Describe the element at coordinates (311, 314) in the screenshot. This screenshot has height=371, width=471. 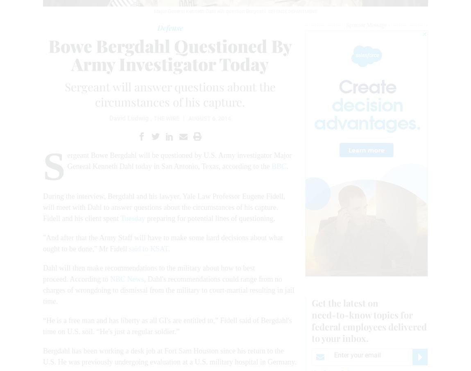
I see `'need-to-know'` at that location.